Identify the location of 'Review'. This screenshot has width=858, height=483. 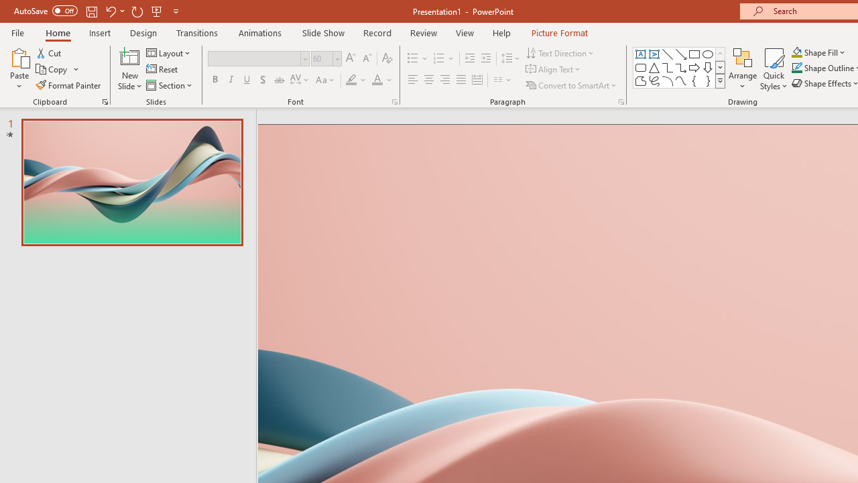
(422, 32).